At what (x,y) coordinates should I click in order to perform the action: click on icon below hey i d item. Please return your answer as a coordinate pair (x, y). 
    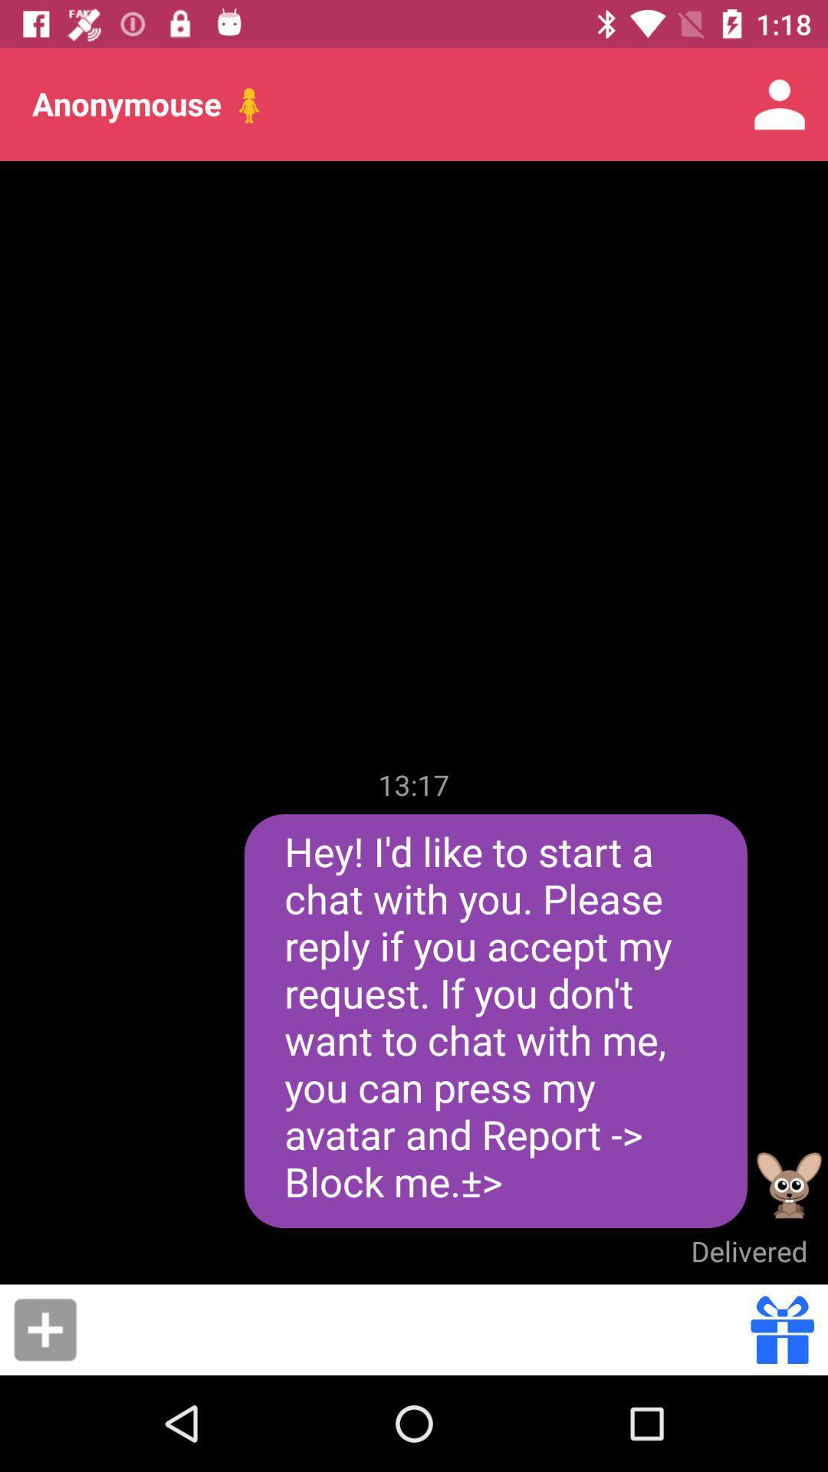
    Looking at the image, I should click on (748, 1251).